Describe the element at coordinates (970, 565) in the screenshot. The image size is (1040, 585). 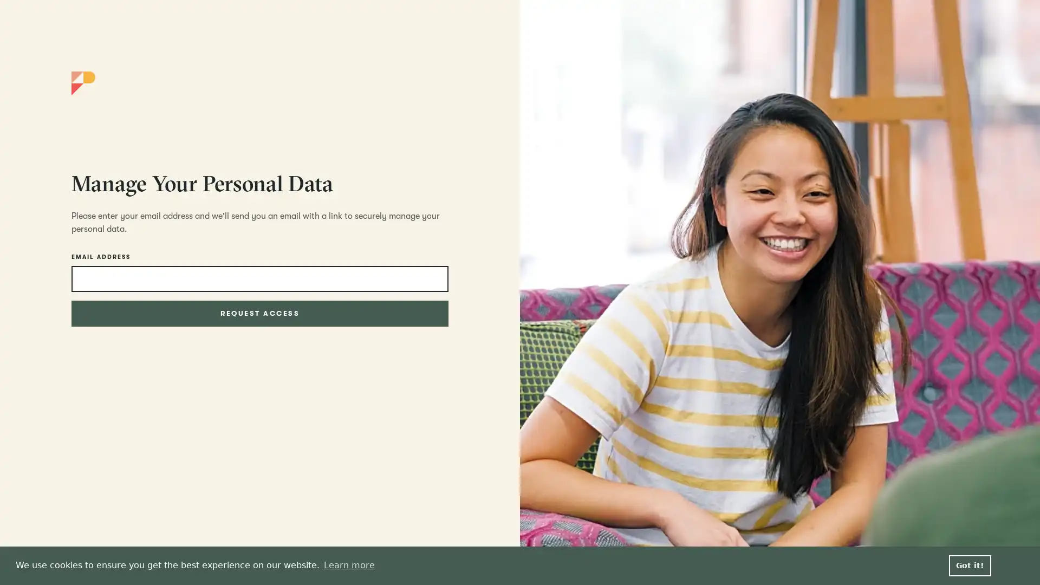
I see `dismiss cookie message` at that location.